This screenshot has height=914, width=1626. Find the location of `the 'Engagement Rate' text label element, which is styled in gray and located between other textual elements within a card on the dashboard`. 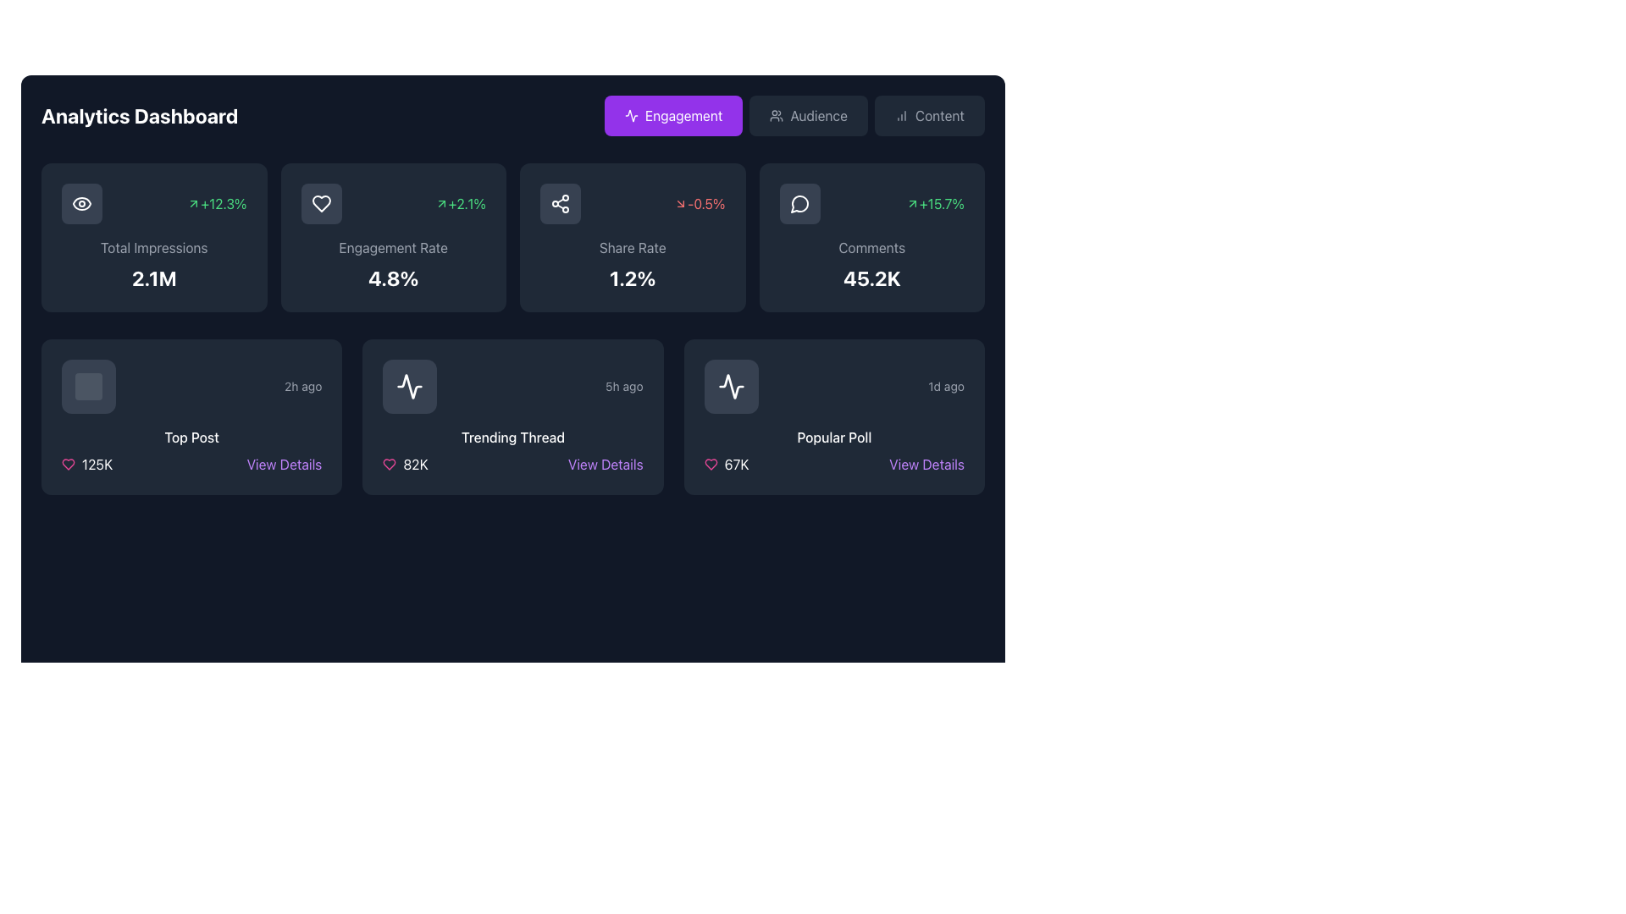

the 'Engagement Rate' text label element, which is styled in gray and located between other textual elements within a card on the dashboard is located at coordinates (392, 248).